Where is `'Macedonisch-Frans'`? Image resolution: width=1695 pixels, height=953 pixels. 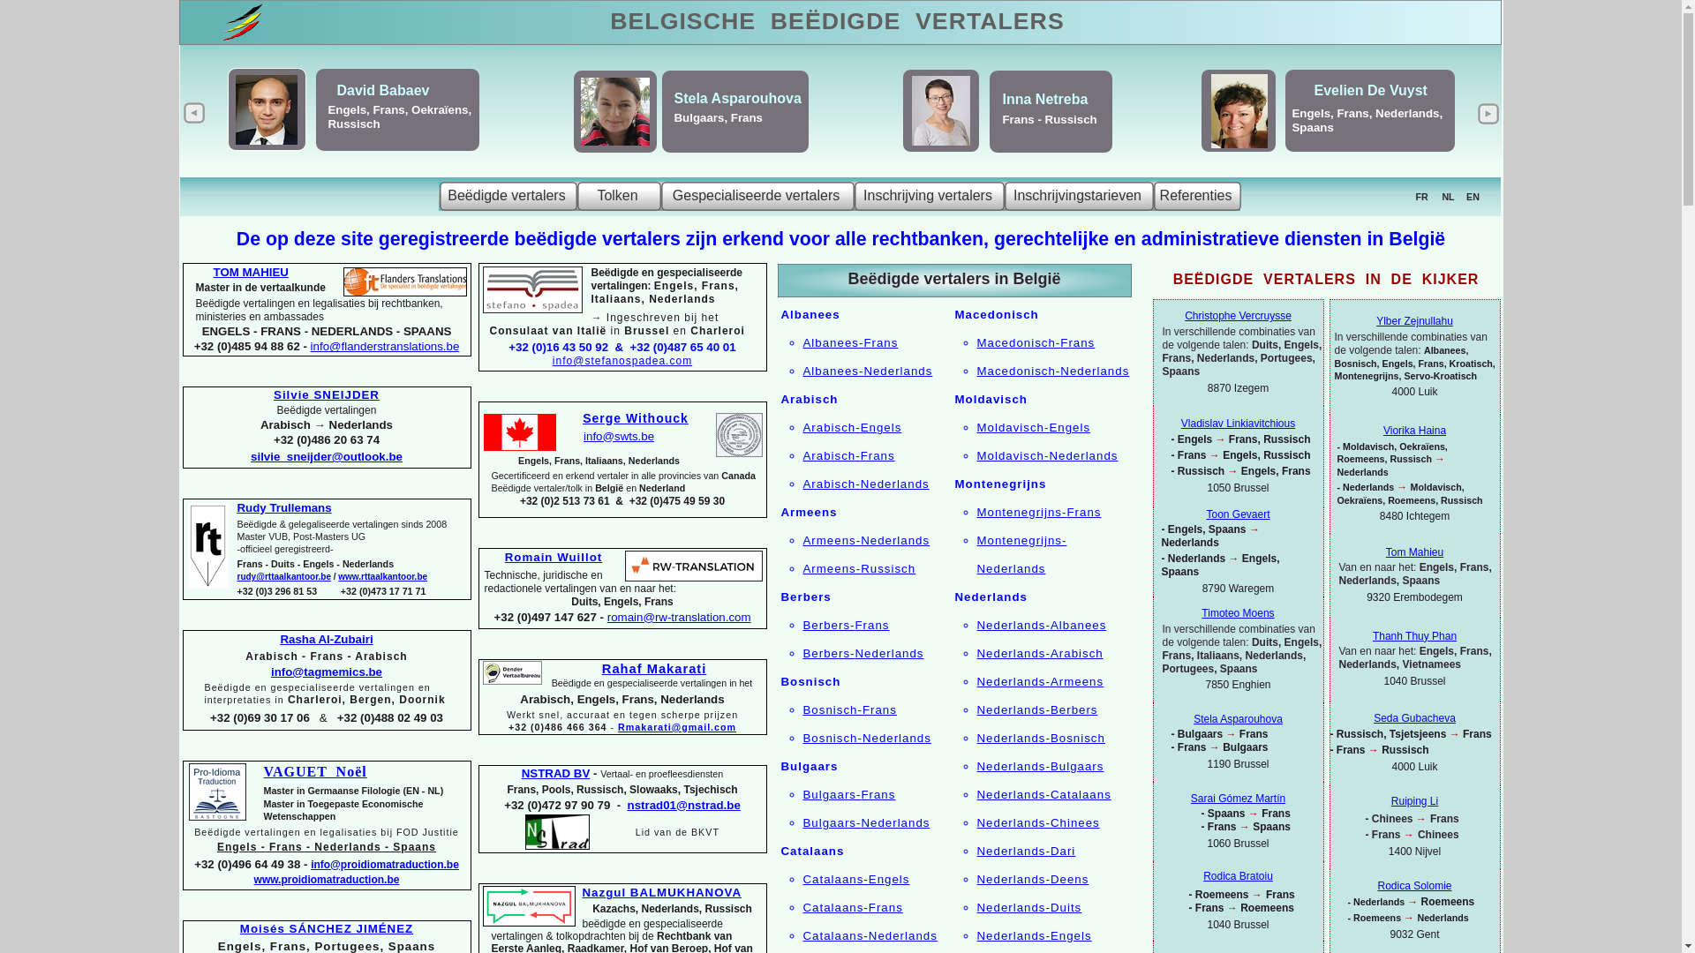 'Macedonisch-Frans' is located at coordinates (975, 342).